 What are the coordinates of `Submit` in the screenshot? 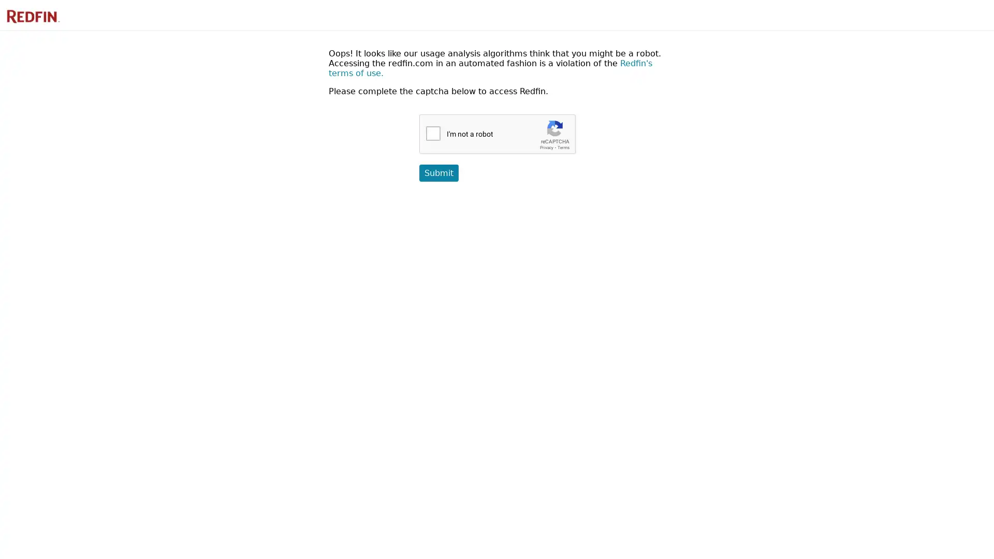 It's located at (439, 172).